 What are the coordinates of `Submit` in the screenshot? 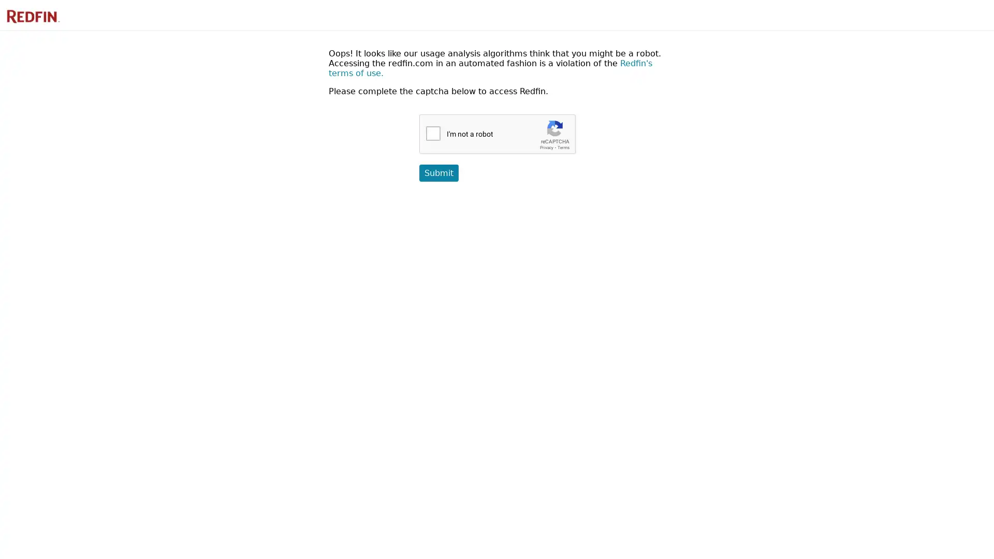 It's located at (439, 172).